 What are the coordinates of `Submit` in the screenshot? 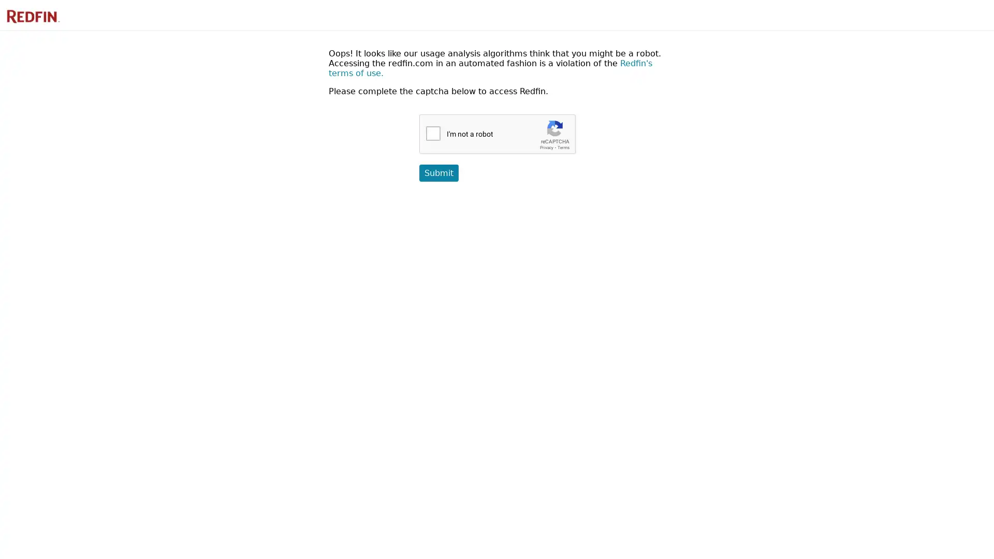 It's located at (439, 172).